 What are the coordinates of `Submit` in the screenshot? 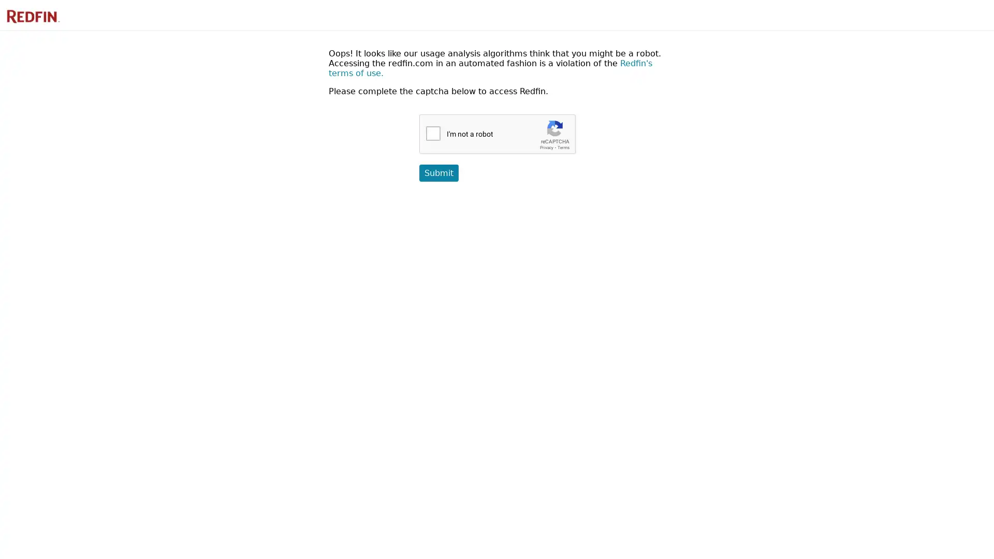 It's located at (439, 172).